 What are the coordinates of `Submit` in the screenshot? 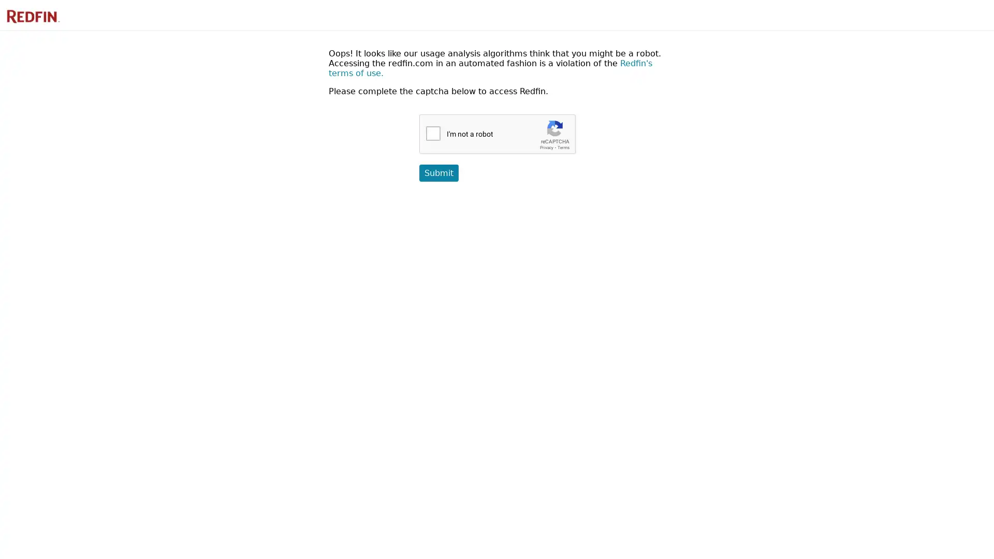 It's located at (439, 172).